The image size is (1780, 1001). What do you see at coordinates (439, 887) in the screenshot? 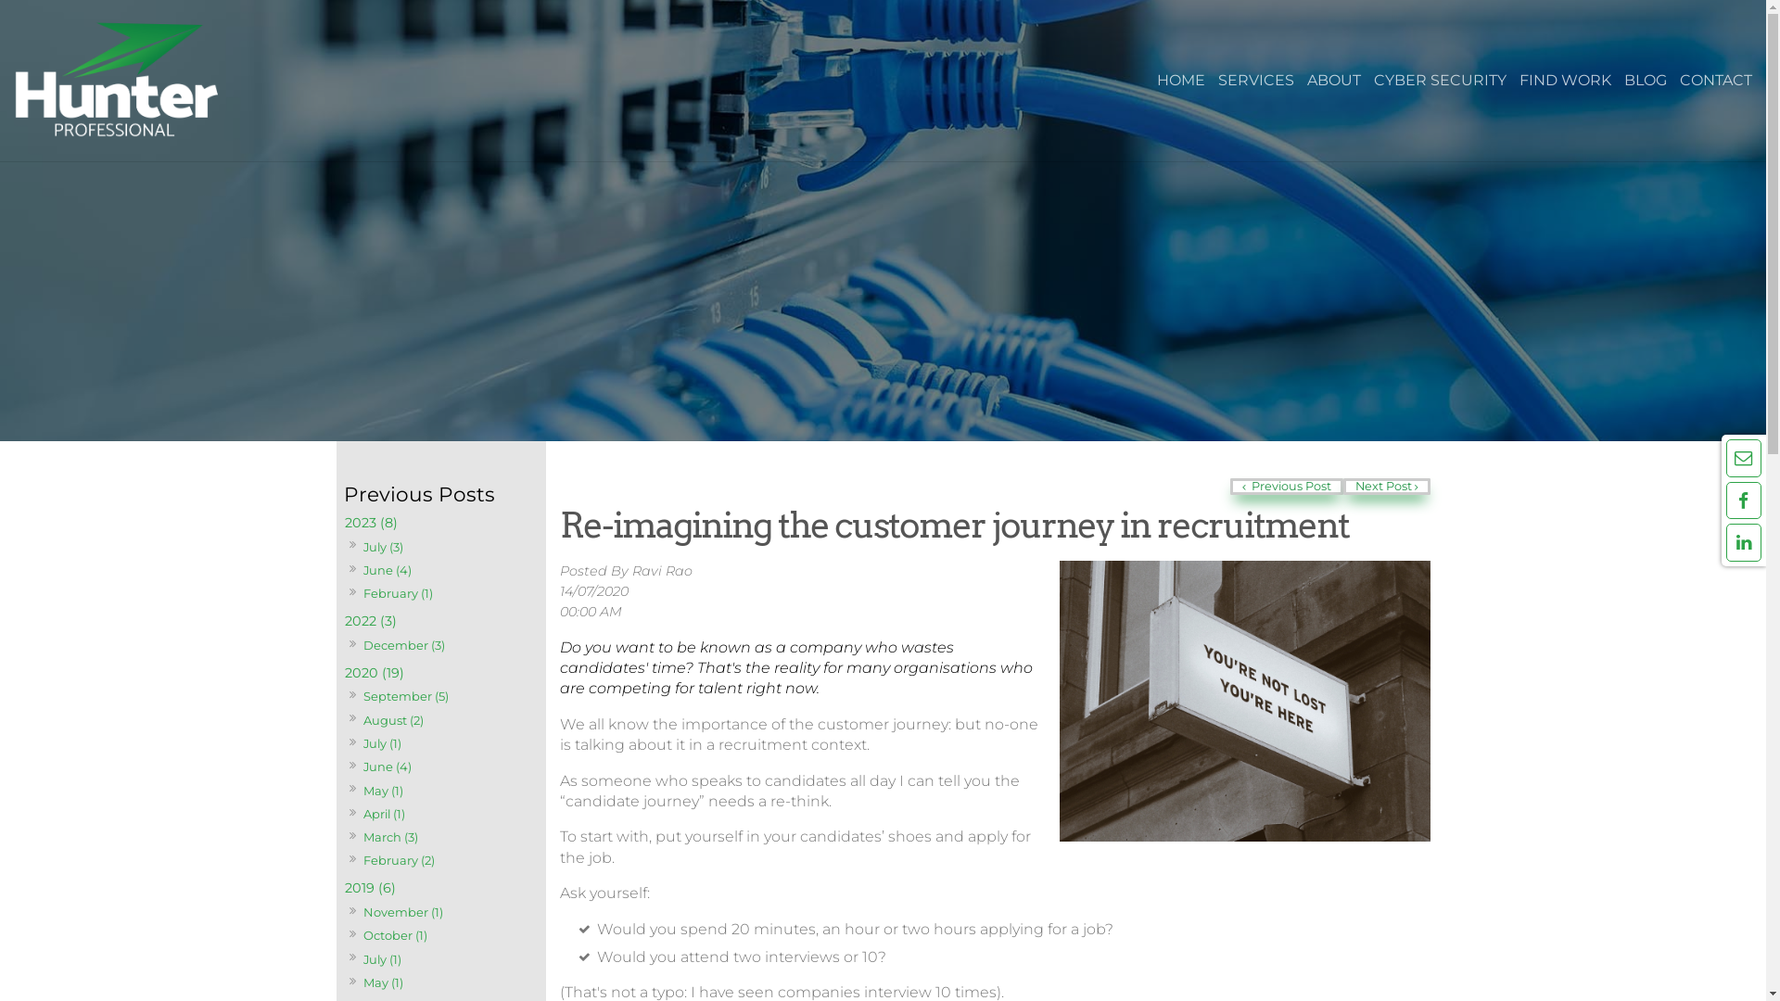
I see `'2019 (6)'` at bounding box center [439, 887].